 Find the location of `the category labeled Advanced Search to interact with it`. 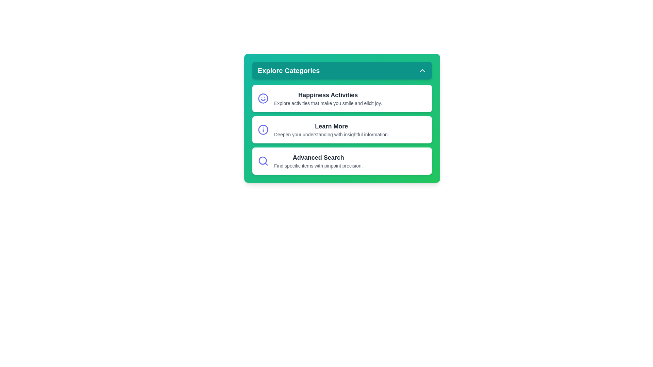

the category labeled Advanced Search to interact with it is located at coordinates (342, 161).